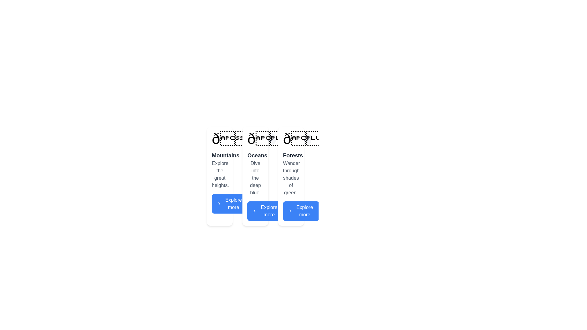 The width and height of the screenshot is (587, 330). Describe the element at coordinates (301, 211) in the screenshot. I see `the 'Explore more' button with a blue background and white text located at the bottom-right corner of the card layout below the 'Forests' section` at that location.